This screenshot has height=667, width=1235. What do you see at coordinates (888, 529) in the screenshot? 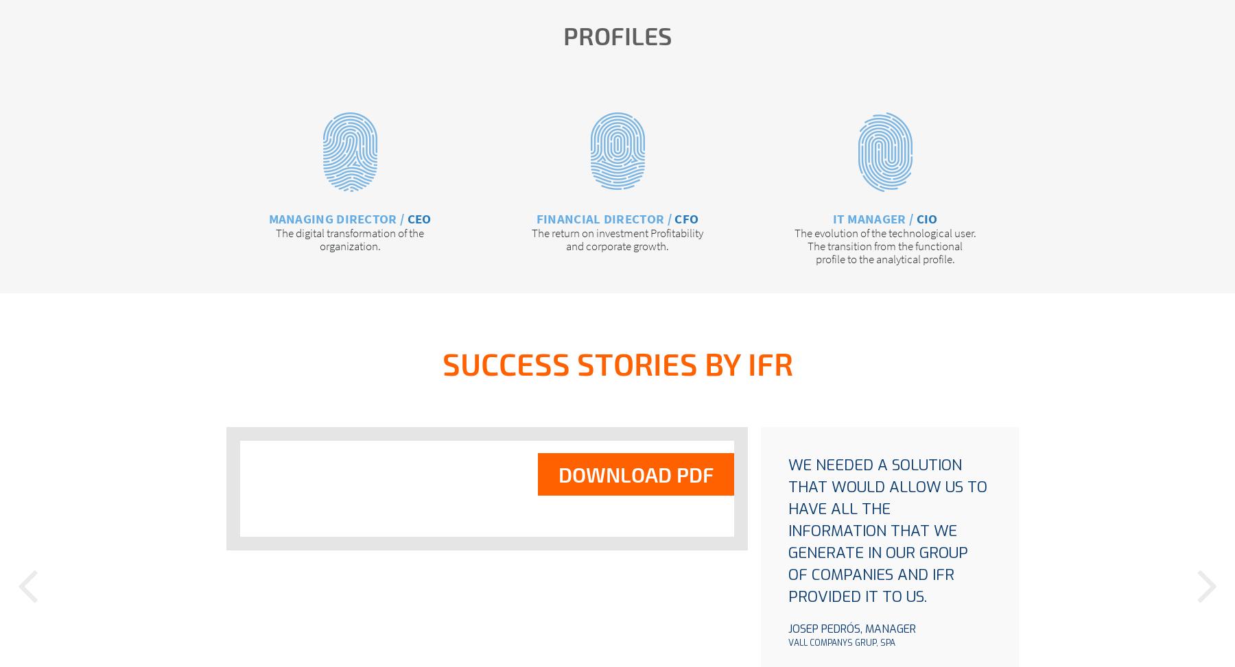
I see `'WE NEEDED A SOLUTION THAT WOULD ALLOW US TO HAVE ALL THE INFORMATION THAT WE GENERATE IN OUR GROUP OF COMPANIES AND IFR PROVIDED IT TO US.'` at bounding box center [888, 529].